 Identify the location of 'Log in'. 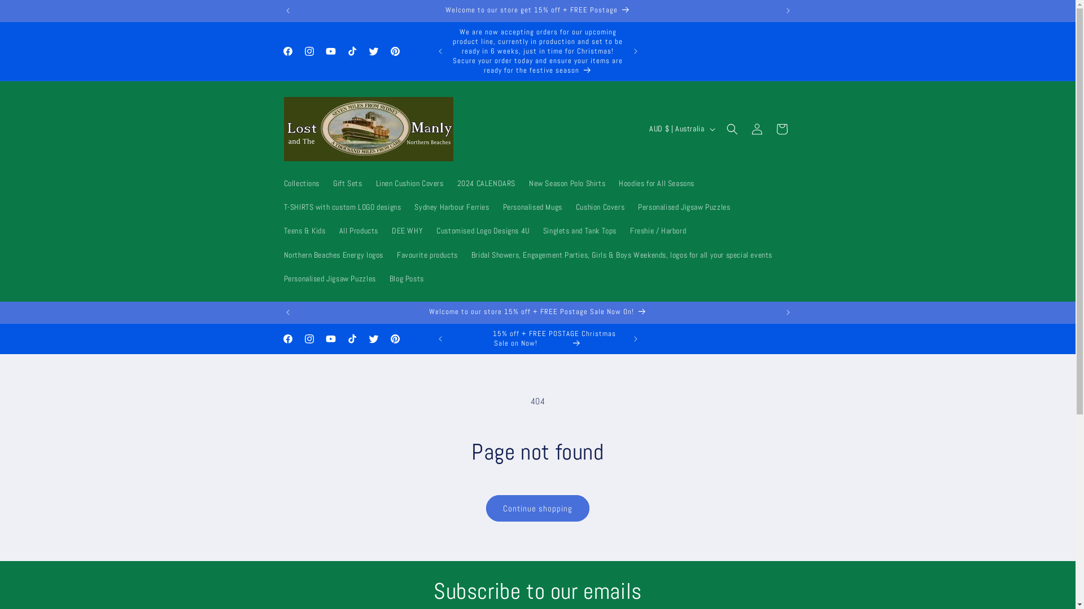
(756, 128).